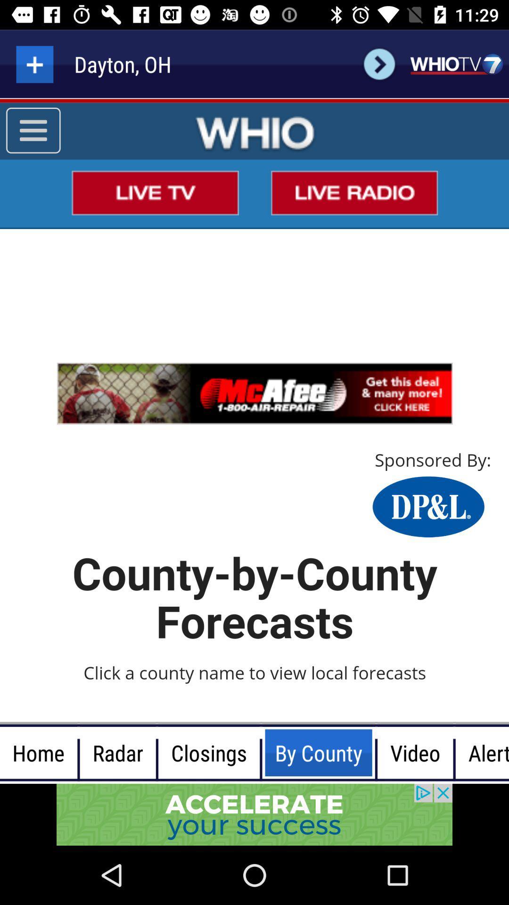 The width and height of the screenshot is (509, 905). I want to click on the arrow_forward icon, so click(379, 64).